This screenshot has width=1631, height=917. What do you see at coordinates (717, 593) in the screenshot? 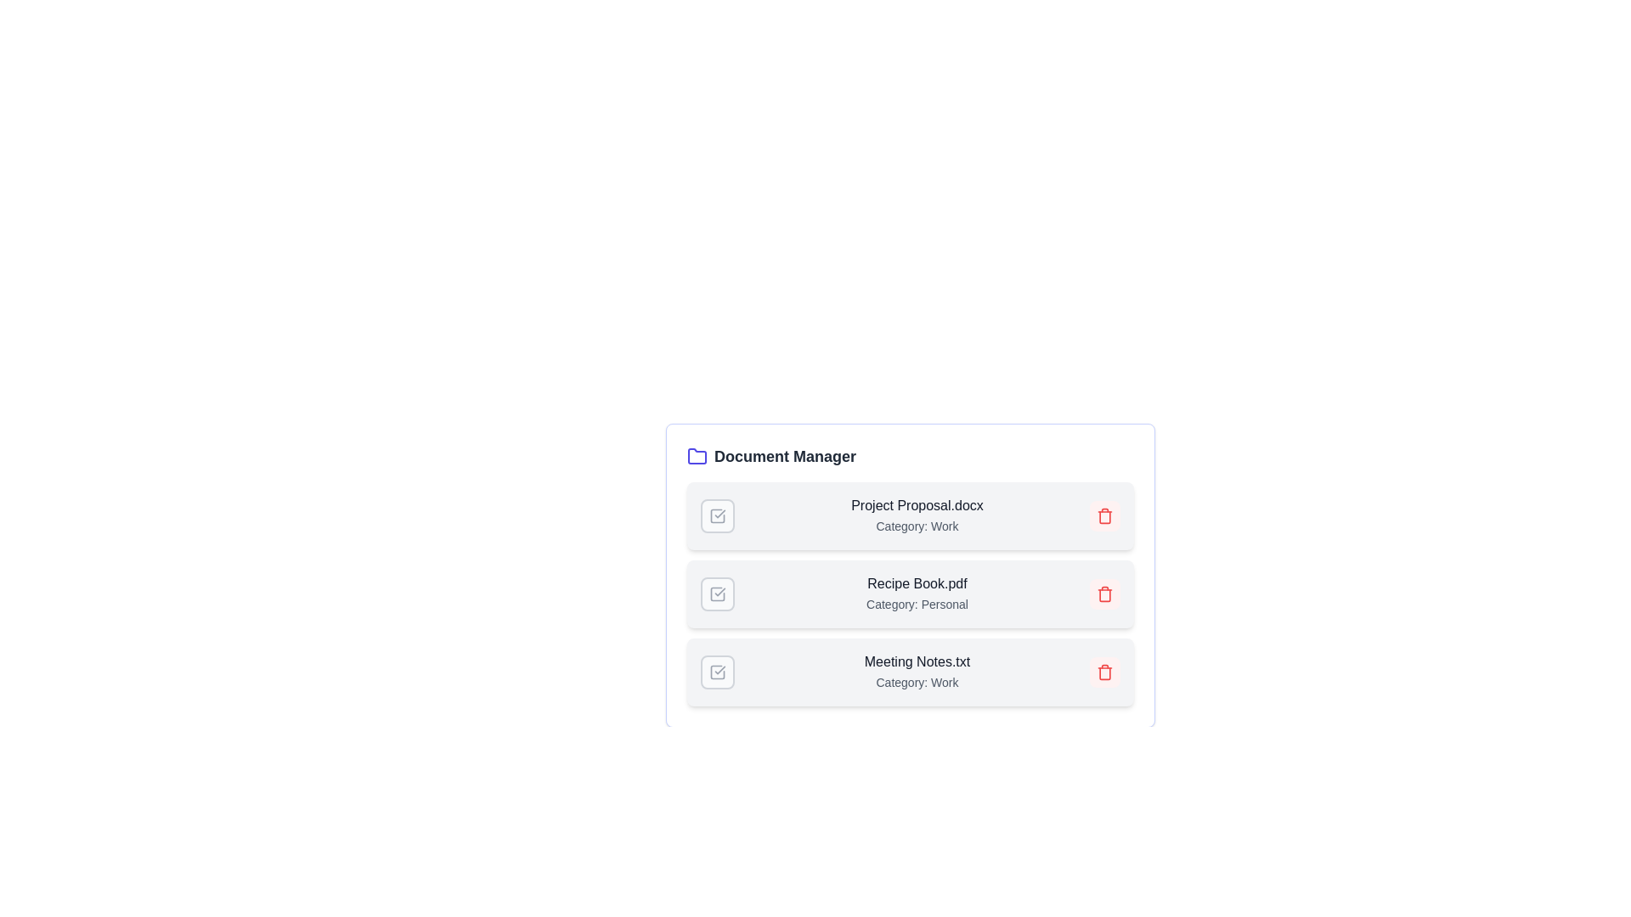
I see `the checkmark icon within the square that indicates the selection status for 'Recipe Book.pdf' in the document manager interface` at bounding box center [717, 593].